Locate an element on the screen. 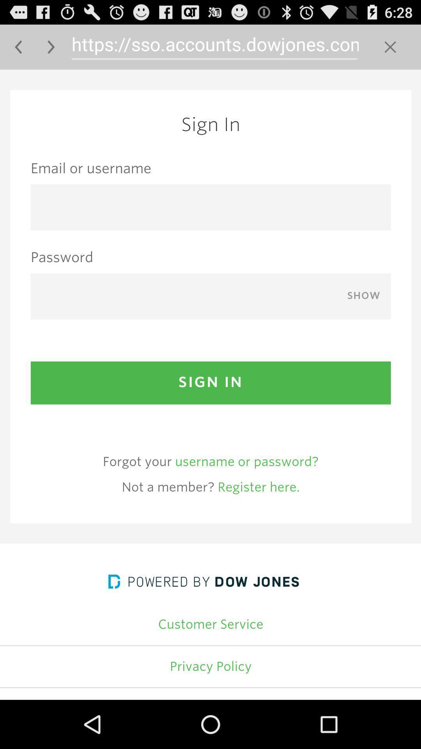 This screenshot has width=421, height=749. the close icon is located at coordinates (390, 50).